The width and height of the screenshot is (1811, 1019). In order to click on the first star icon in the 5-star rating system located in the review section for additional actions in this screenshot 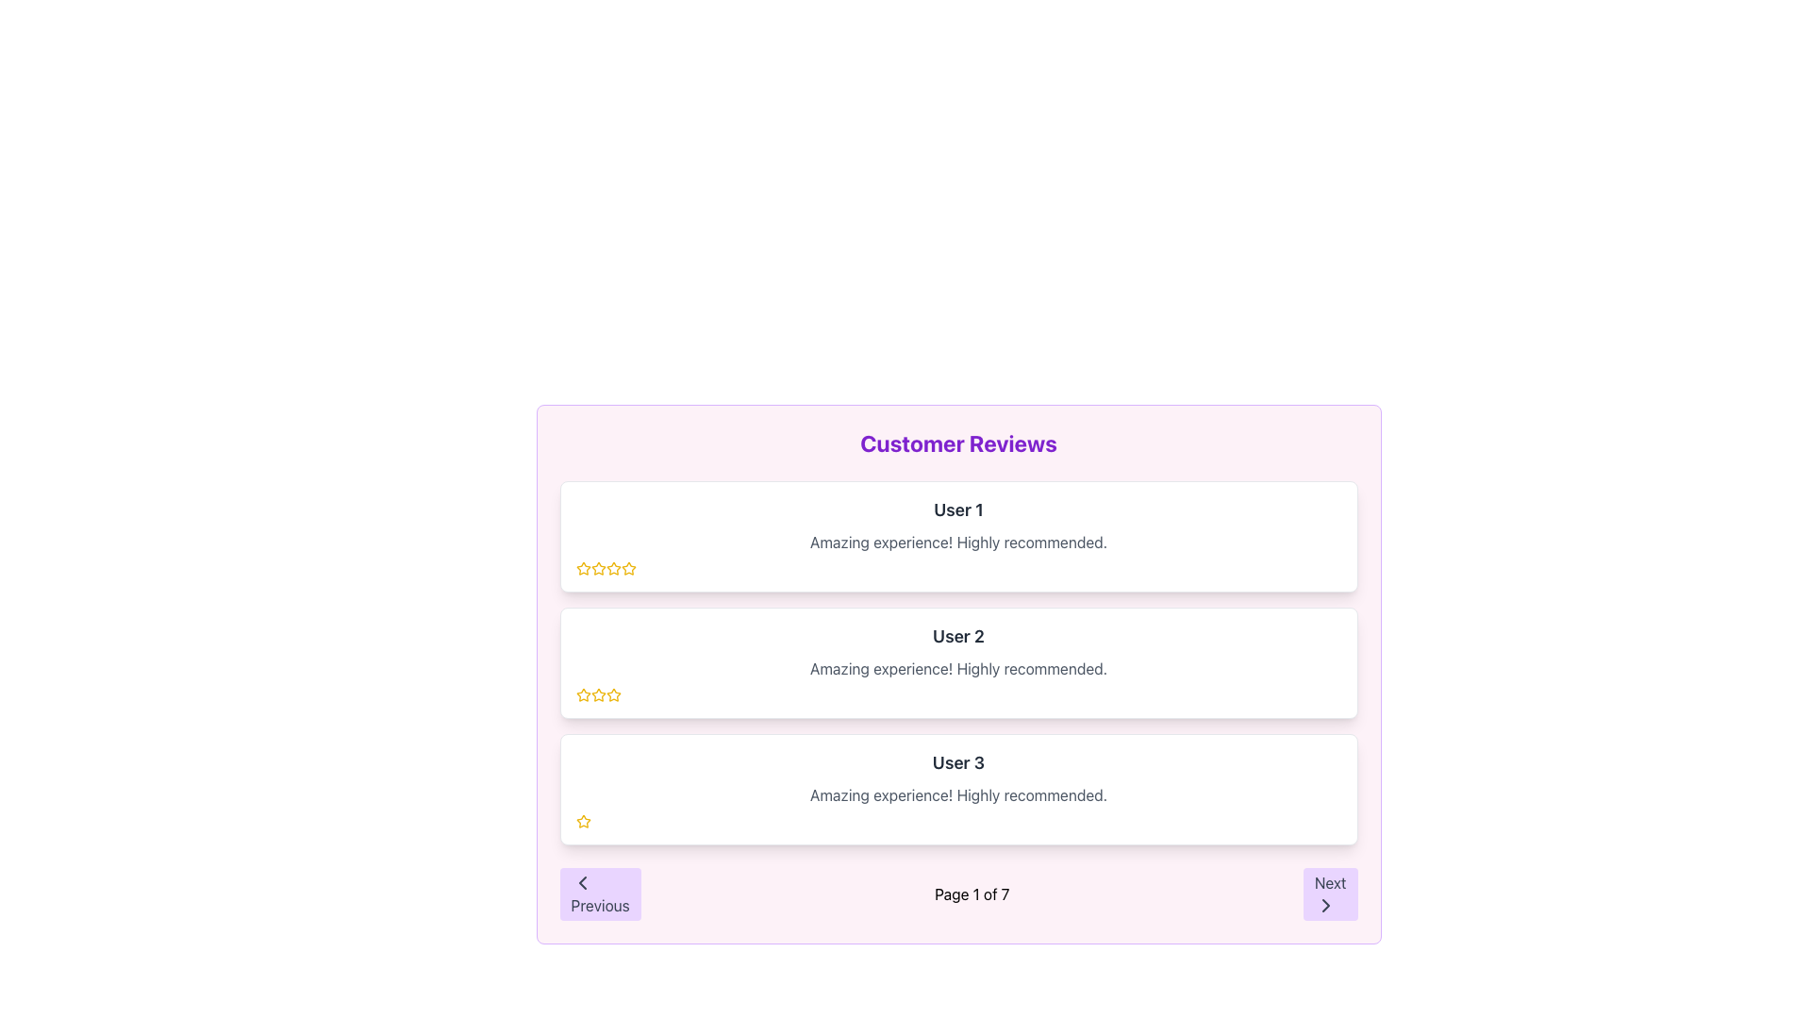, I will do `click(597, 567)`.